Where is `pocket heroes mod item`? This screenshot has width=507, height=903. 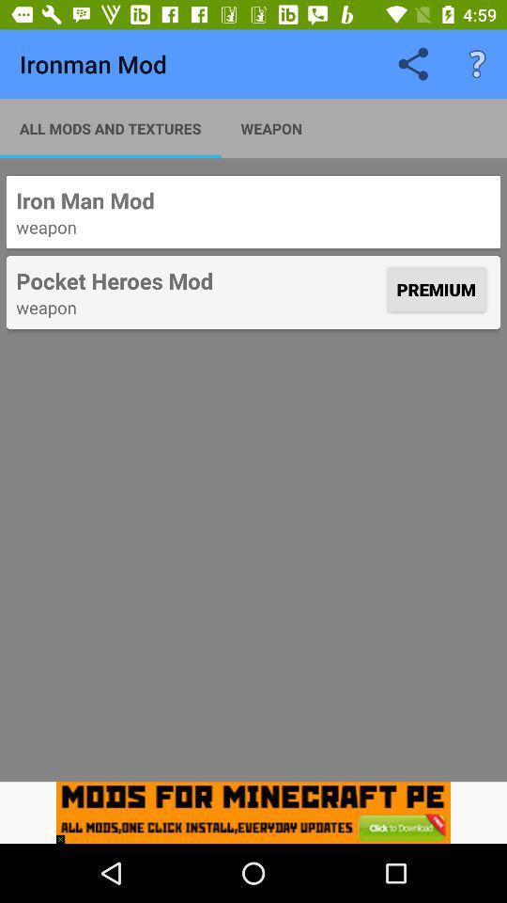
pocket heroes mod item is located at coordinates (198, 279).